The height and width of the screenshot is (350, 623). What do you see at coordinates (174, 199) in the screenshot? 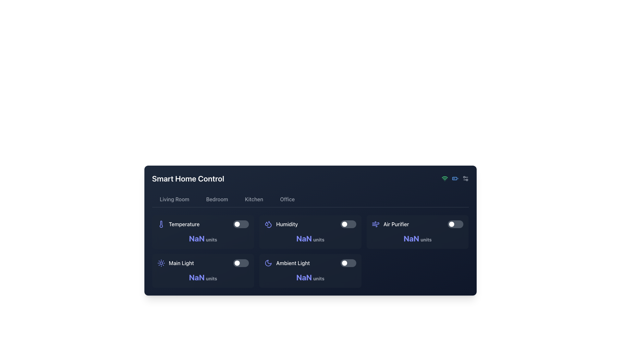
I see `the 'Living Room' tab in the navigation bar` at bounding box center [174, 199].